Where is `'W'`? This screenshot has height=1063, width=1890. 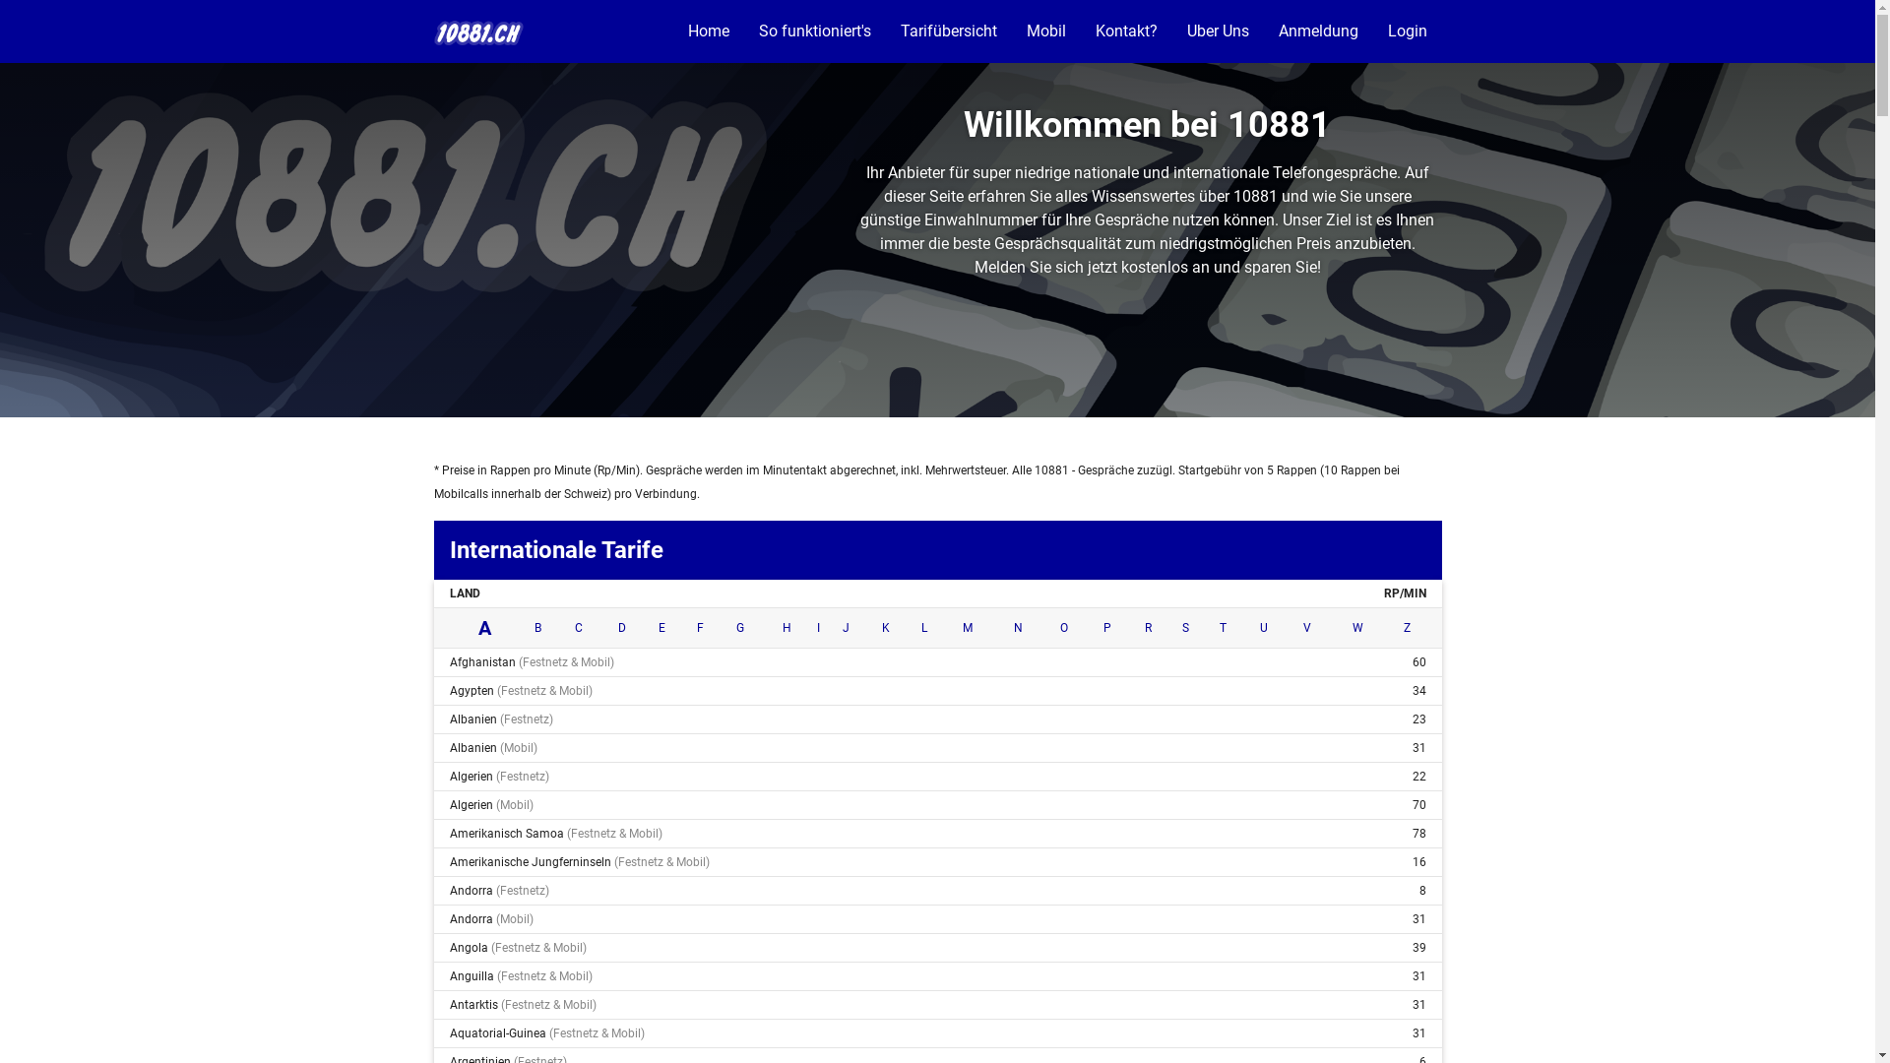
'W' is located at coordinates (1356, 627).